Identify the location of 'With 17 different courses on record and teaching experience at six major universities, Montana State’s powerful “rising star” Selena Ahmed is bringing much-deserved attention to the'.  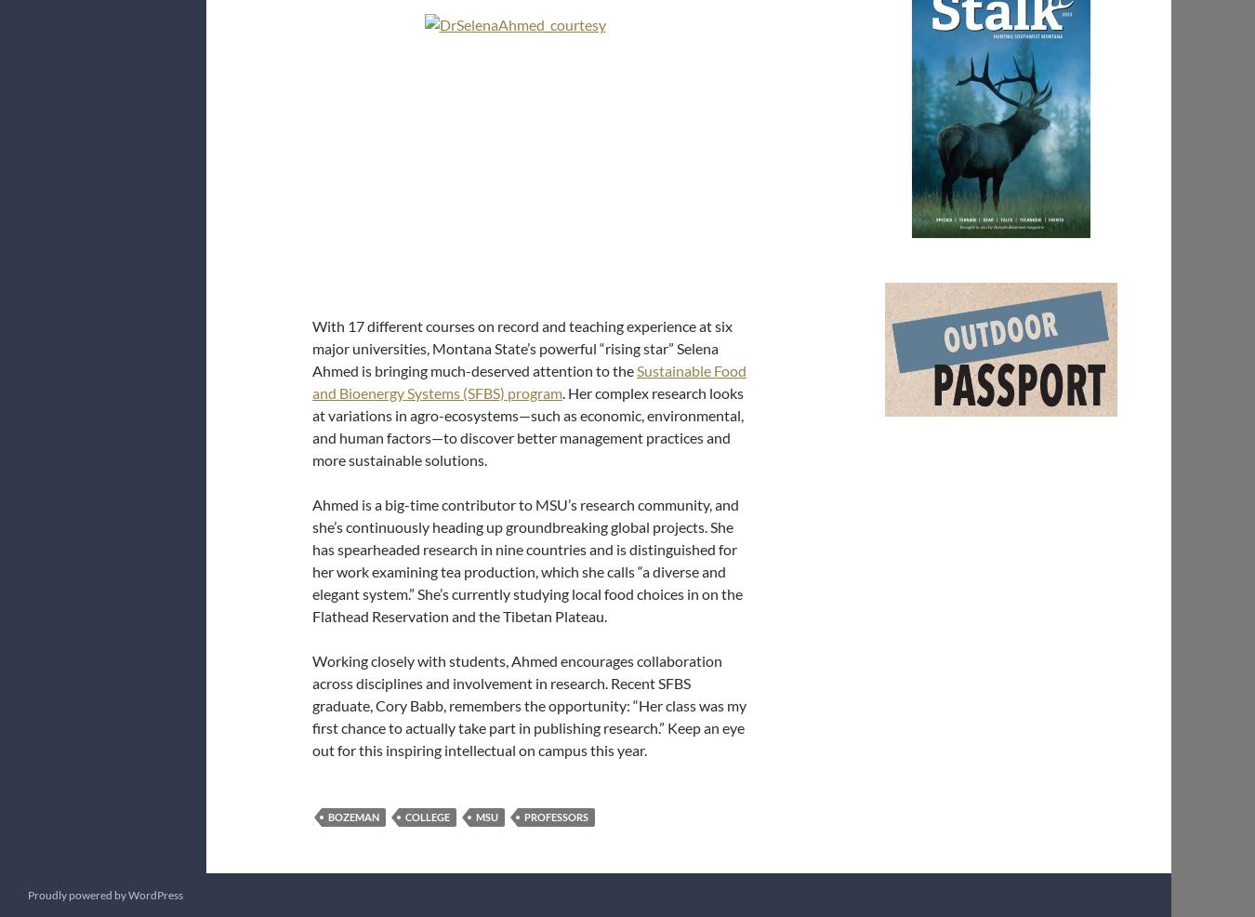
(522, 347).